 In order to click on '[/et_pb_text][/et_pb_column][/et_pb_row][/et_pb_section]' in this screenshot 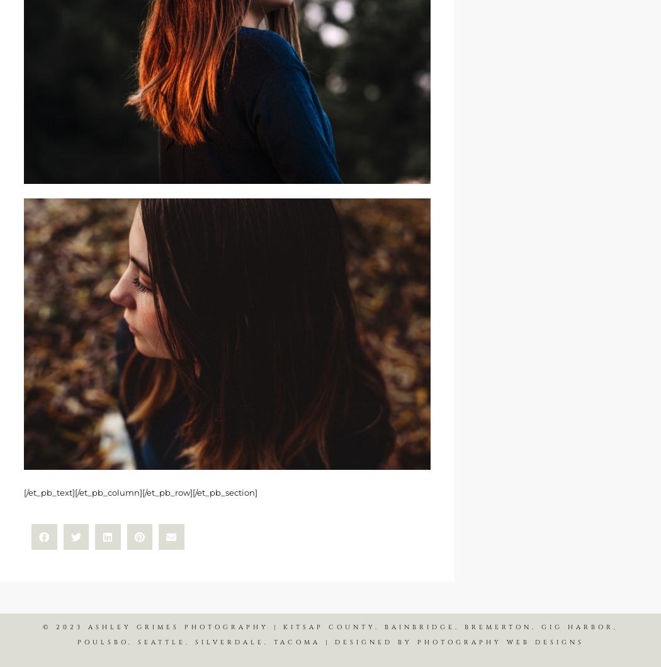, I will do `click(140, 491)`.